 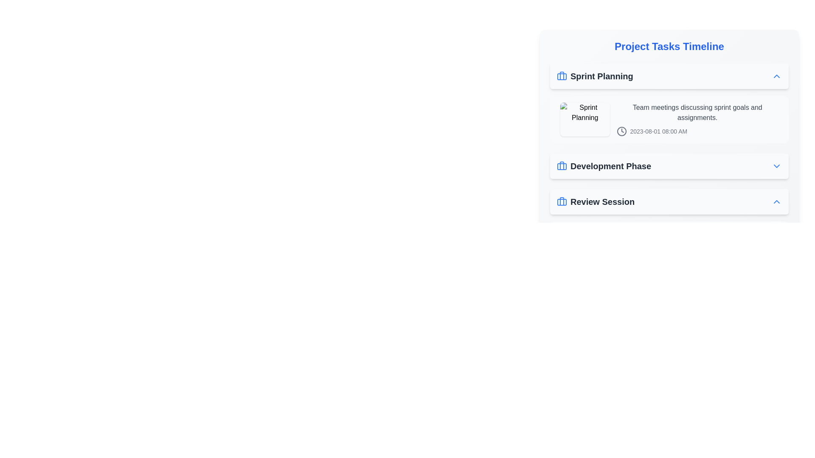 What do you see at coordinates (562, 166) in the screenshot?
I see `the Icon indicating the 'Development Phase' section in the 'Project Tasks Timeline', which represents project-related tasks or milestones` at bounding box center [562, 166].